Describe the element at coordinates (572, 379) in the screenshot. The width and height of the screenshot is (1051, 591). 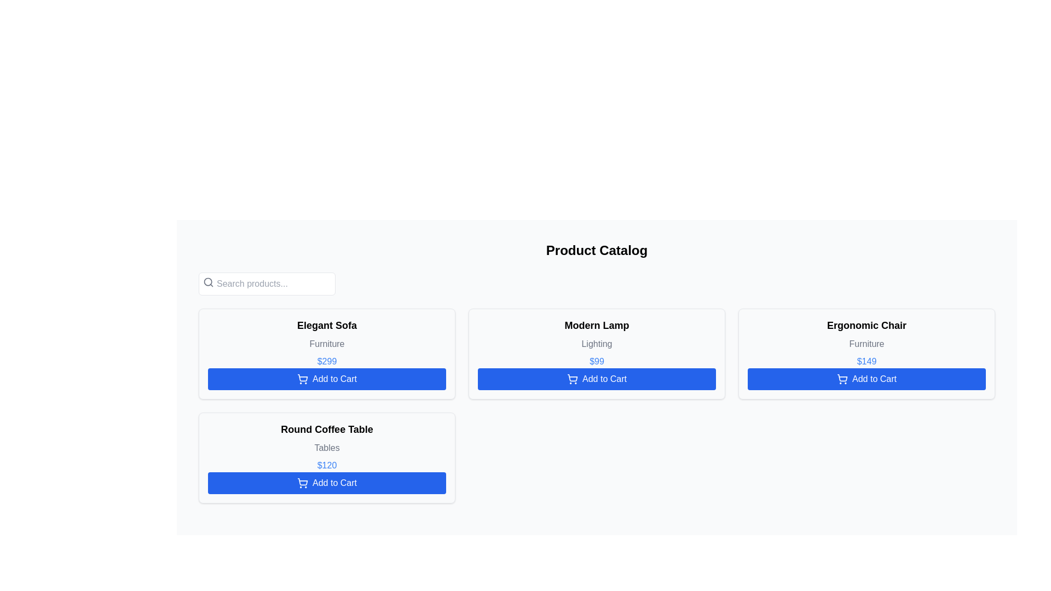
I see `the icon representing the action of adding an item to the cart, located to the left of the 'Add to Cart' text in the 'Add to Cart' button below the 'Modern Lamp' product card` at that location.